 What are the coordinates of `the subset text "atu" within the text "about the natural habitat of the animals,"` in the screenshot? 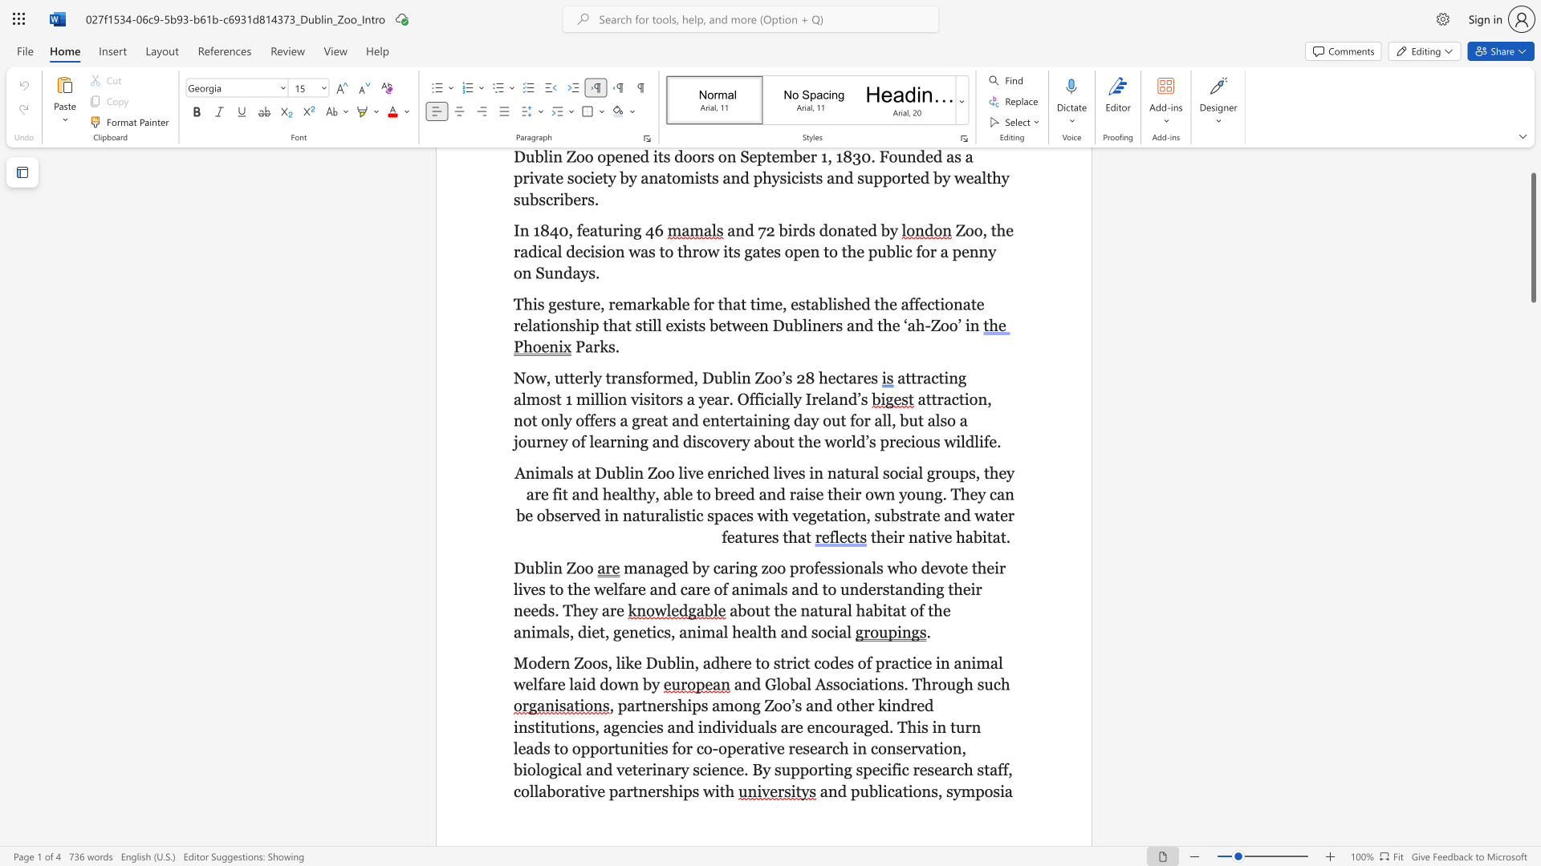 It's located at (810, 610).